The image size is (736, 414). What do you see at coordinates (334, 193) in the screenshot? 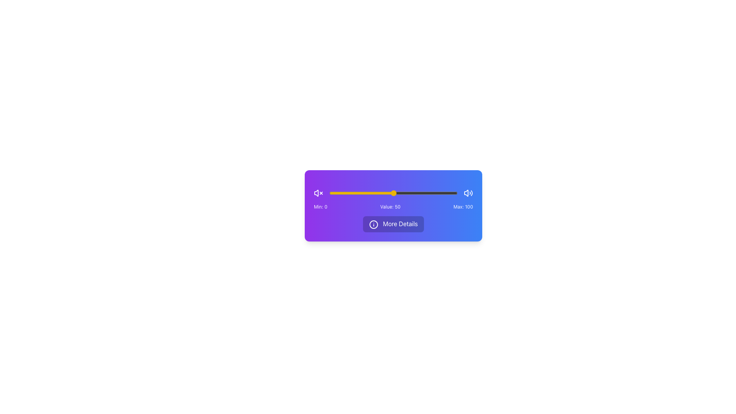
I see `the volume` at bounding box center [334, 193].